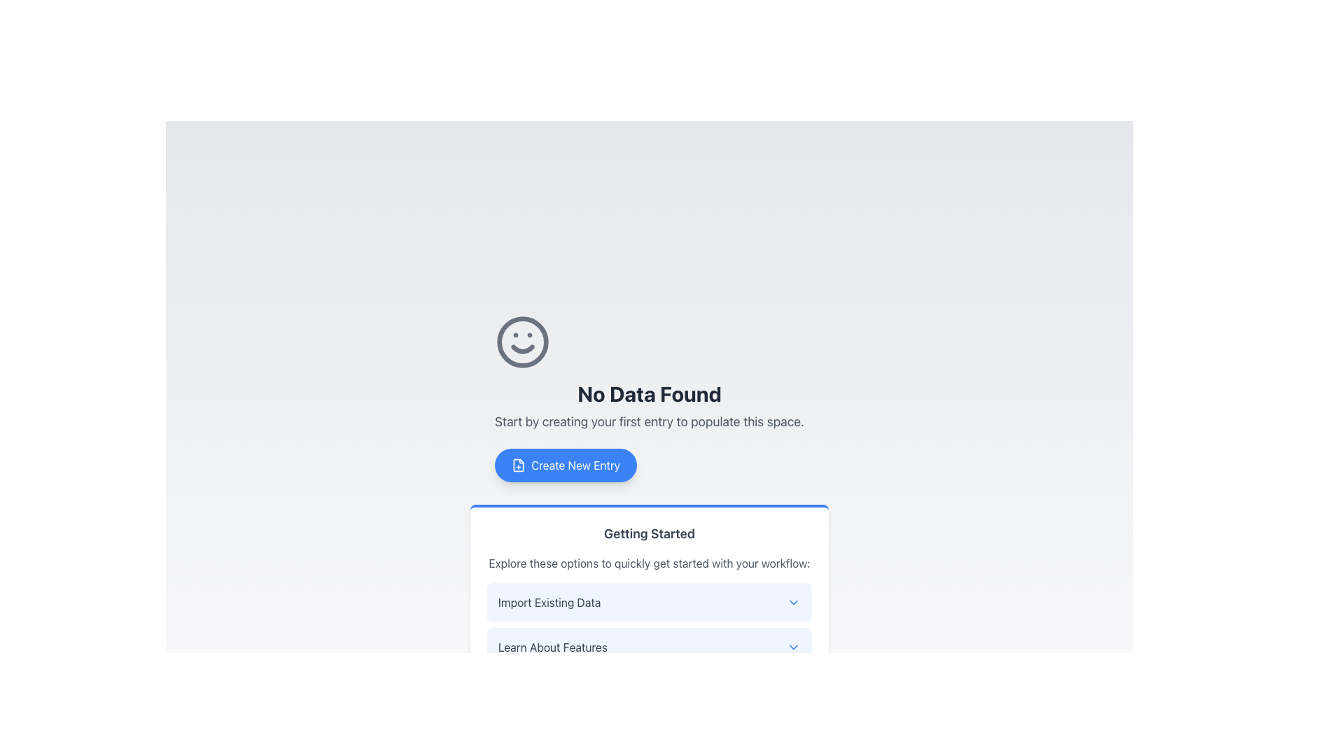 Image resolution: width=1344 pixels, height=756 pixels. What do you see at coordinates (648, 624) in the screenshot?
I see `the 'Import Existing Data' option in the collapsible list located in the 'Getting Started' section` at bounding box center [648, 624].